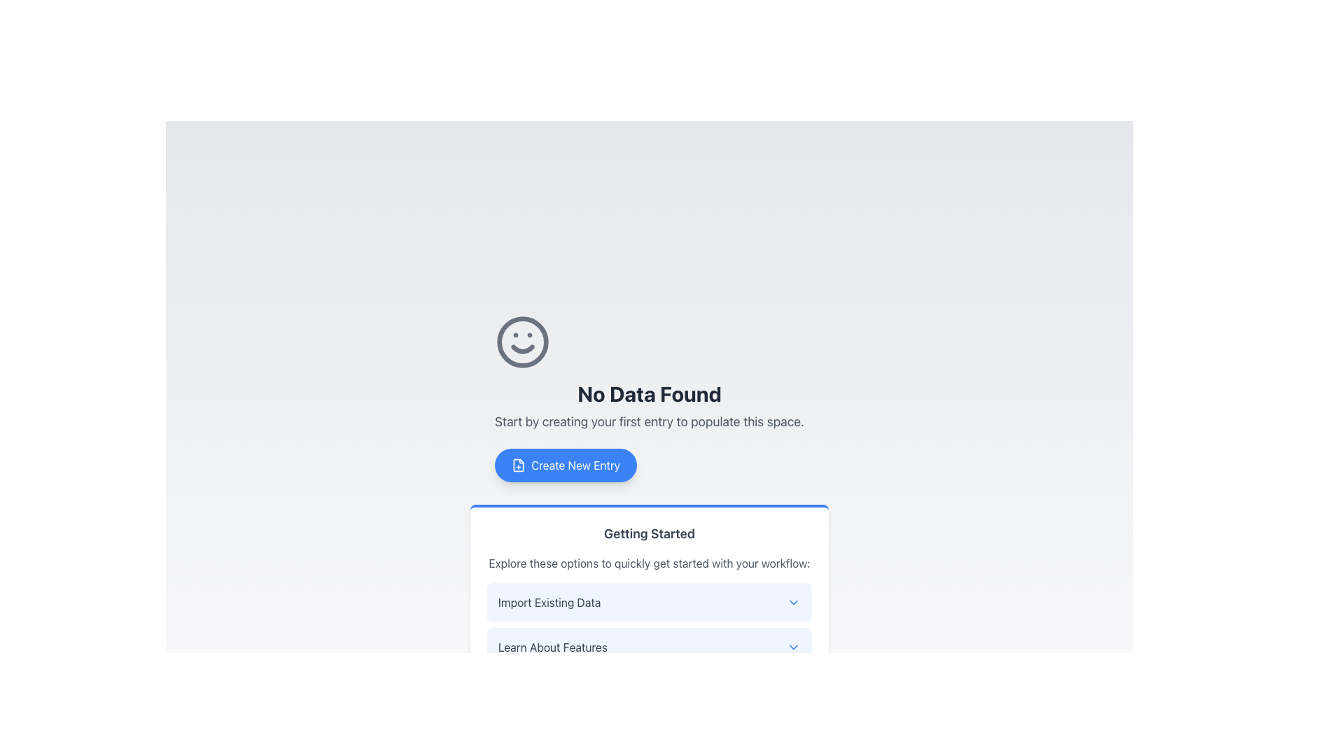 Image resolution: width=1344 pixels, height=756 pixels. What do you see at coordinates (648, 624) in the screenshot?
I see `the 'Import Existing Data' option in the collapsible list located in the 'Getting Started' section` at bounding box center [648, 624].